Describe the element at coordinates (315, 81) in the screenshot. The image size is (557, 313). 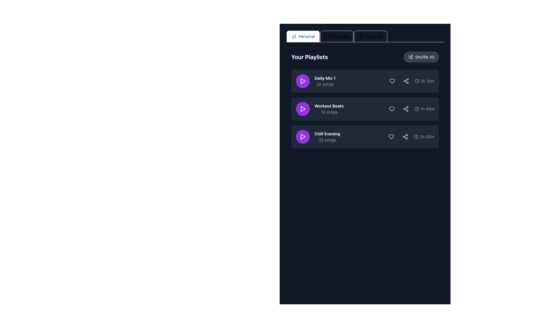
I see `text label displaying 'Daily Mix 1' and '25 songs', which is aligned to the right of a purple circular play button in the first row of the playlist items under 'Your Playlists'` at that location.